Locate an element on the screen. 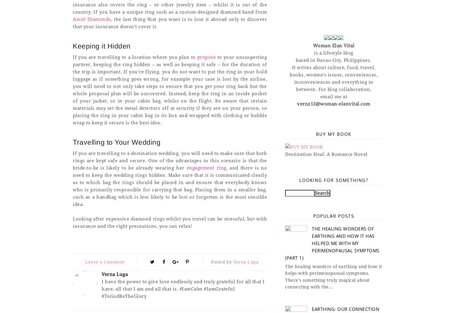  'THE HEALING WONDERS OF EARTHING AND HOW IT HAS HELPED ME WITH MY PERIMENOPAUSAL SYMPTOMS (Part 1)' is located at coordinates (285, 243).